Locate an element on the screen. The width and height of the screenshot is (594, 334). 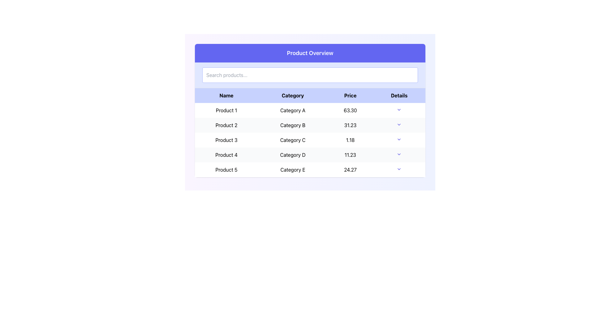
the downward-pointing triangle icon in the 'Details' column of the table row for 'Product 4' is located at coordinates (399, 155).